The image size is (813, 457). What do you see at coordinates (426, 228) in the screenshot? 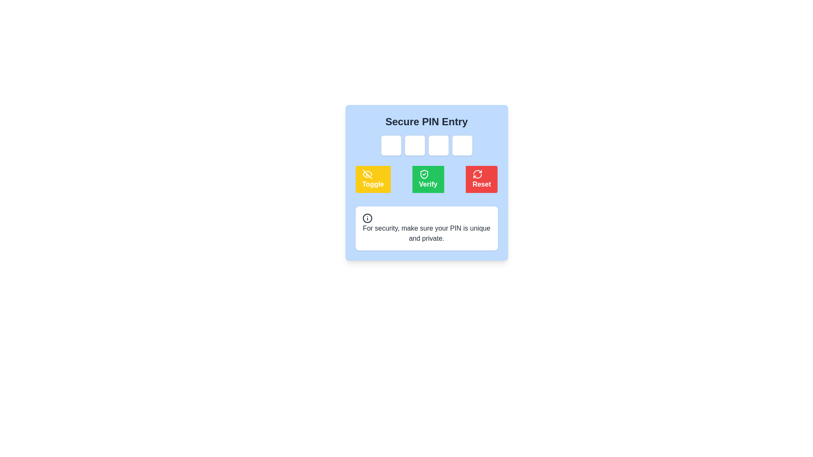
I see `the informational text element that provides guidance about keeping the PIN secure and unique, located at the bottom center of the blue card, beneath the buttons labeled 'Toggle,' 'Verify,' and 'Reset.'` at bounding box center [426, 228].